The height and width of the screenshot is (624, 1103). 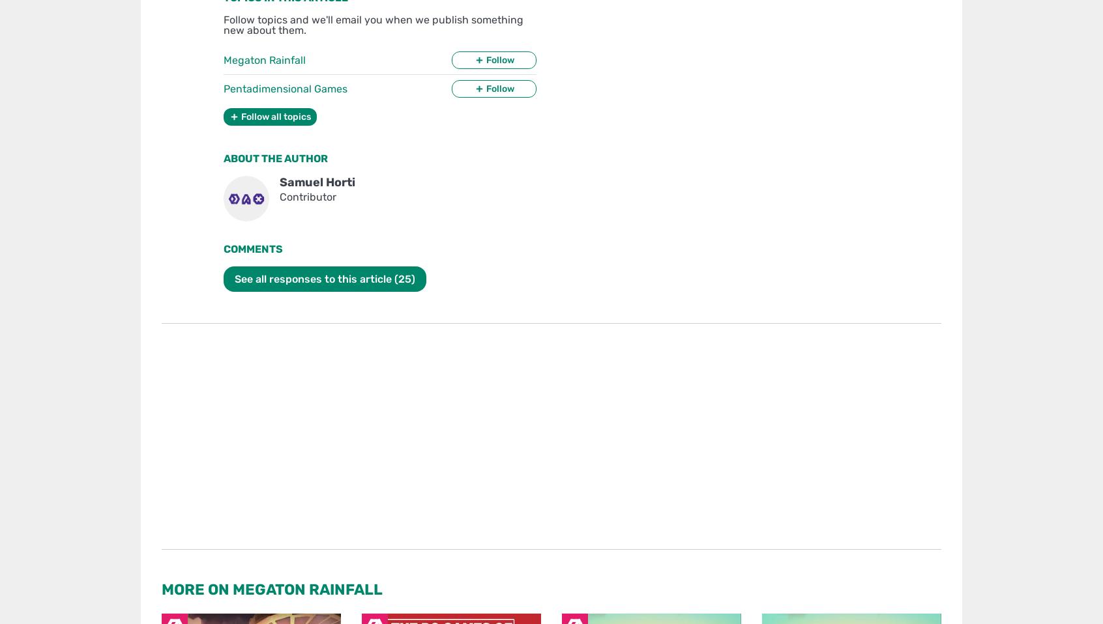 What do you see at coordinates (222, 24) in the screenshot?
I see `'Follow topics and we'll email you when we publish something new about them.'` at bounding box center [222, 24].